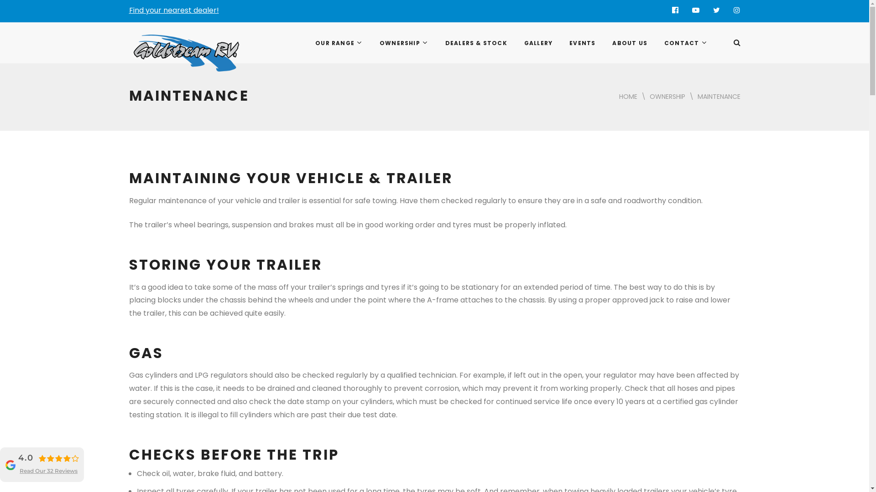 Image resolution: width=876 pixels, height=492 pixels. I want to click on 'ABOUT US', so click(628, 43).